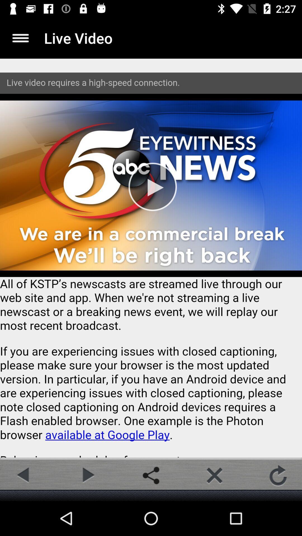  What do you see at coordinates (20, 38) in the screenshot?
I see `more` at bounding box center [20, 38].